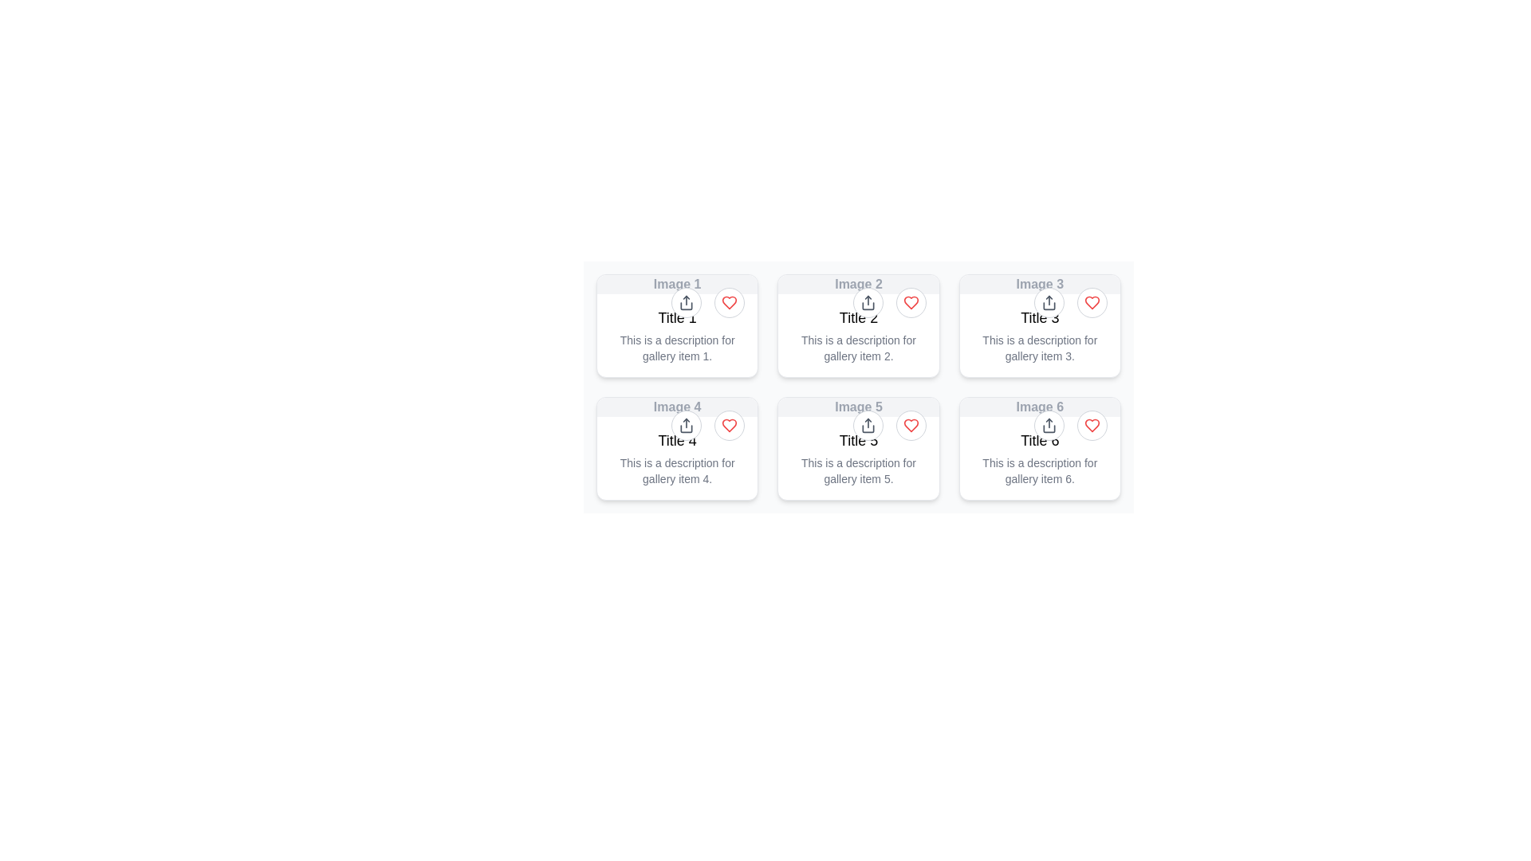 The width and height of the screenshot is (1531, 861). What do you see at coordinates (857, 406) in the screenshot?
I see `the text label 'Image 5' which is styled in light gray and bold font, located at the top-center of the card titled 'Title 5'` at bounding box center [857, 406].